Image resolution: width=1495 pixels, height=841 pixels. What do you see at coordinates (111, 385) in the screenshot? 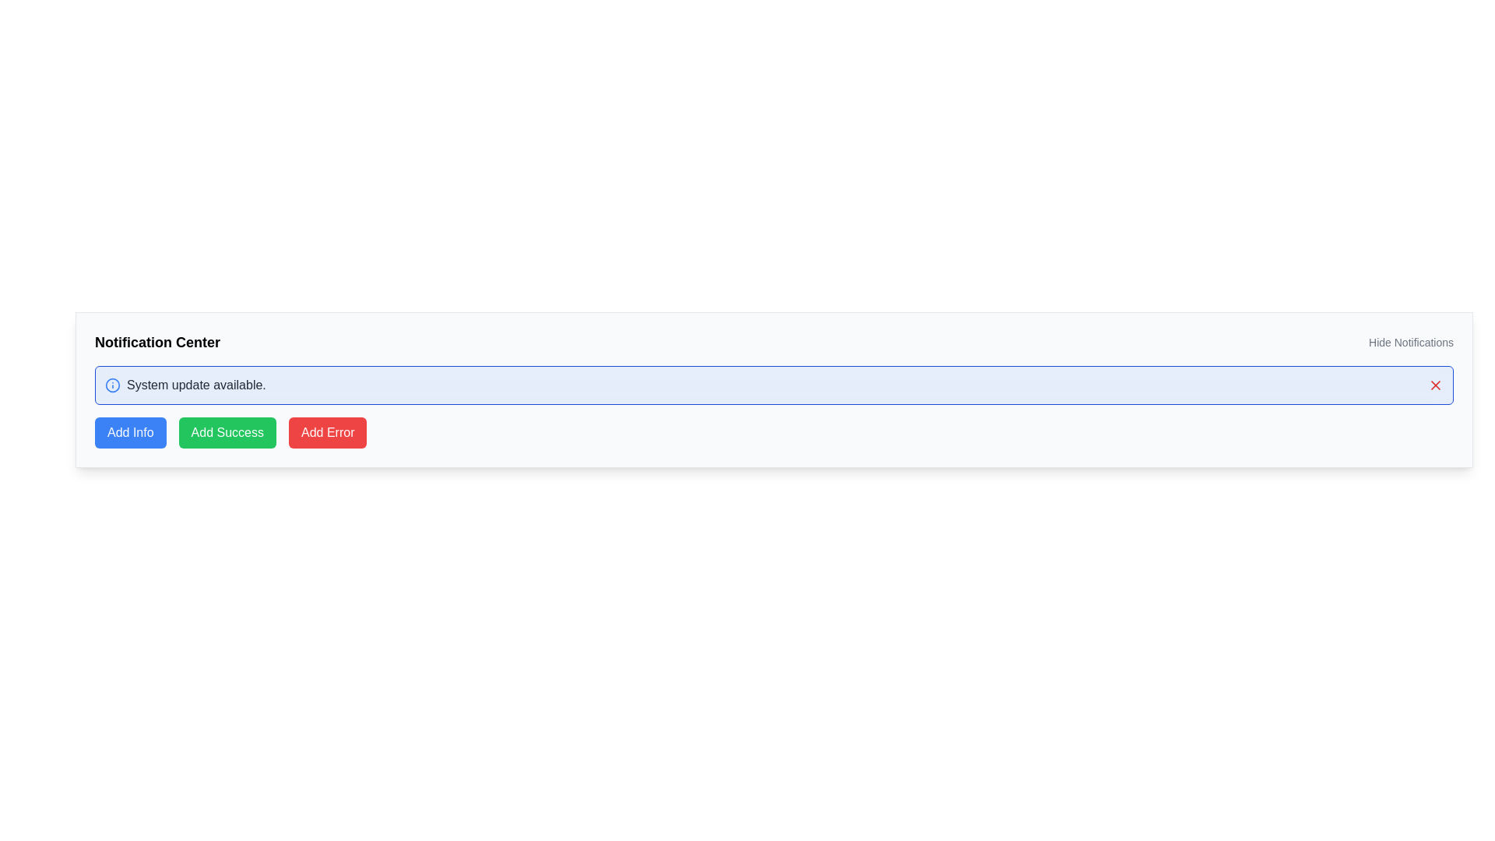
I see `the circular icon with a blue outline and black content area, which is part of the 'System update available' notification near the top-left corner` at bounding box center [111, 385].